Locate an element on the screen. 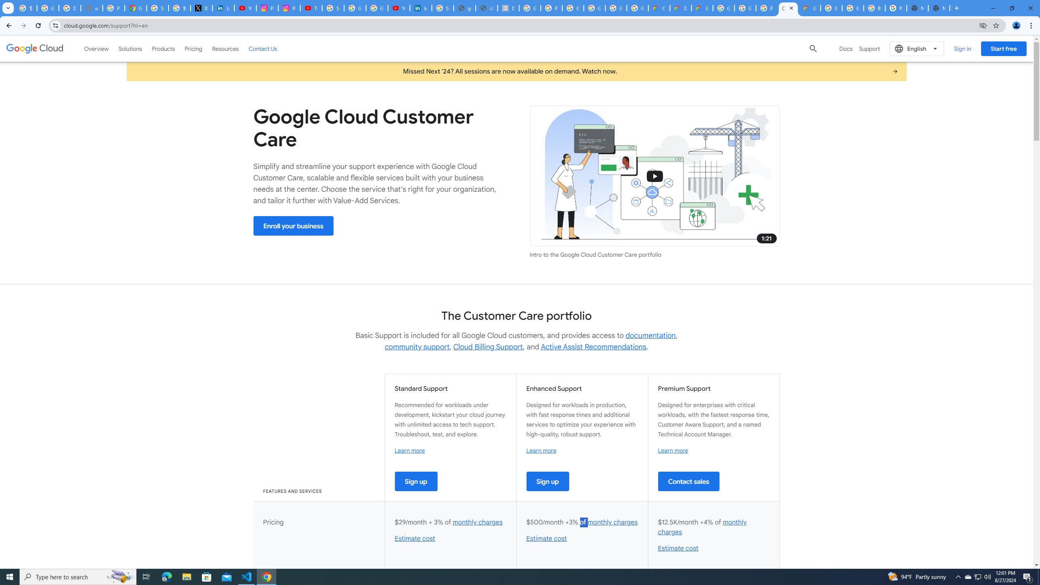  'Support illustration' is located at coordinates (654, 176).